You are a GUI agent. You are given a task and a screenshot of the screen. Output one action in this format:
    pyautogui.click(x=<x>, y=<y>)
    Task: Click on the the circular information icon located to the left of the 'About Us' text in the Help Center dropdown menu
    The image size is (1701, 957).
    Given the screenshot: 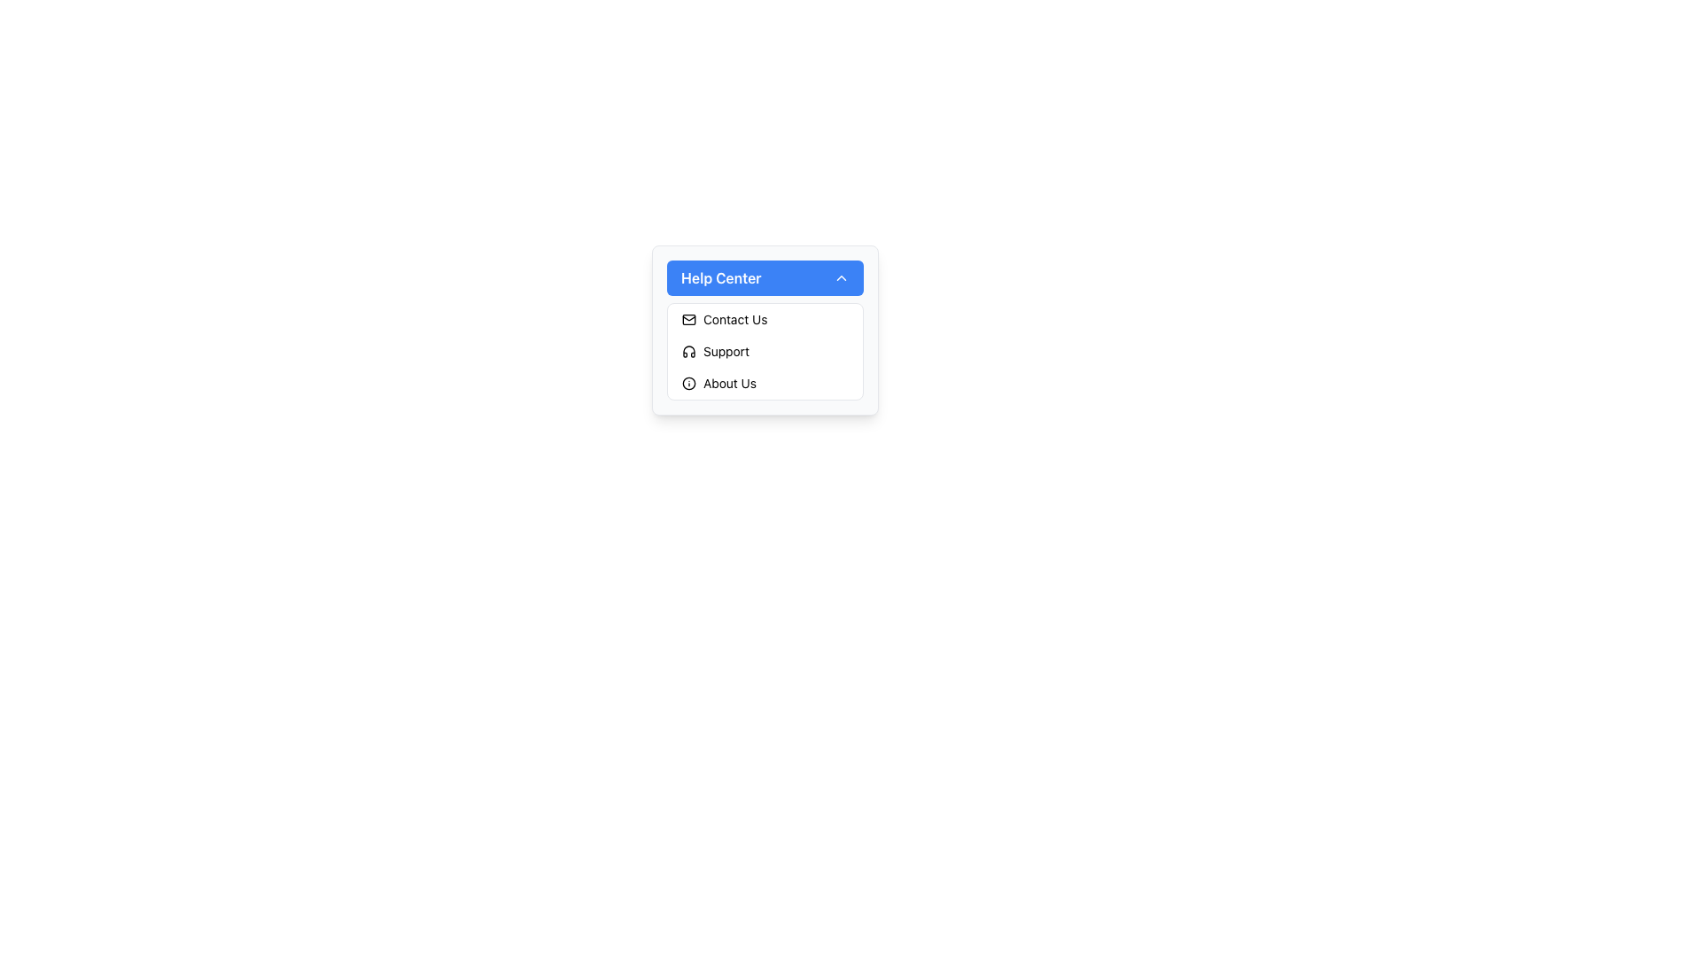 What is the action you would take?
    pyautogui.click(x=687, y=382)
    